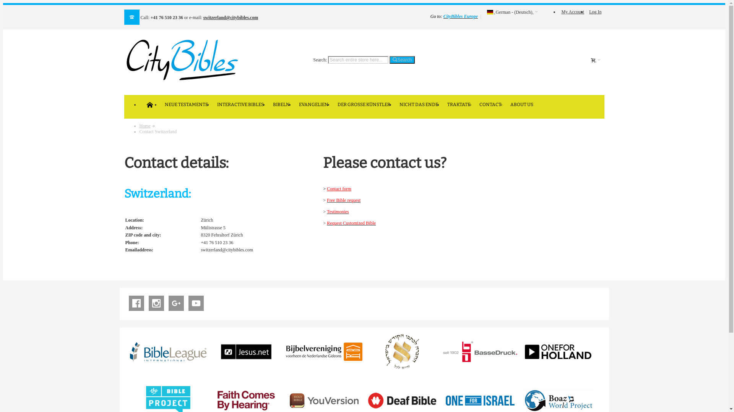  Describe the element at coordinates (573, 11) in the screenshot. I see `'My Account'` at that location.